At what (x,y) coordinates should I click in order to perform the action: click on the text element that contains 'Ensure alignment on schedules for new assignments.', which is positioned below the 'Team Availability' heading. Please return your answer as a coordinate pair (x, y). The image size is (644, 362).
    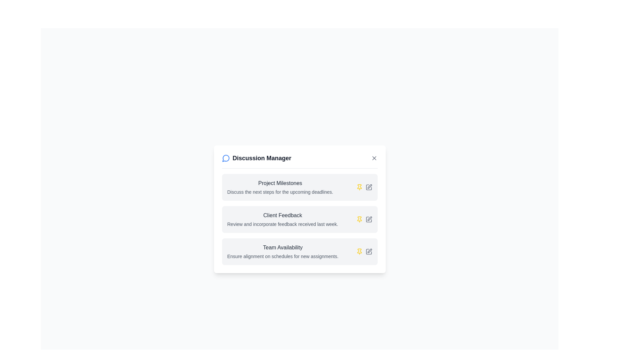
    Looking at the image, I should click on (283, 256).